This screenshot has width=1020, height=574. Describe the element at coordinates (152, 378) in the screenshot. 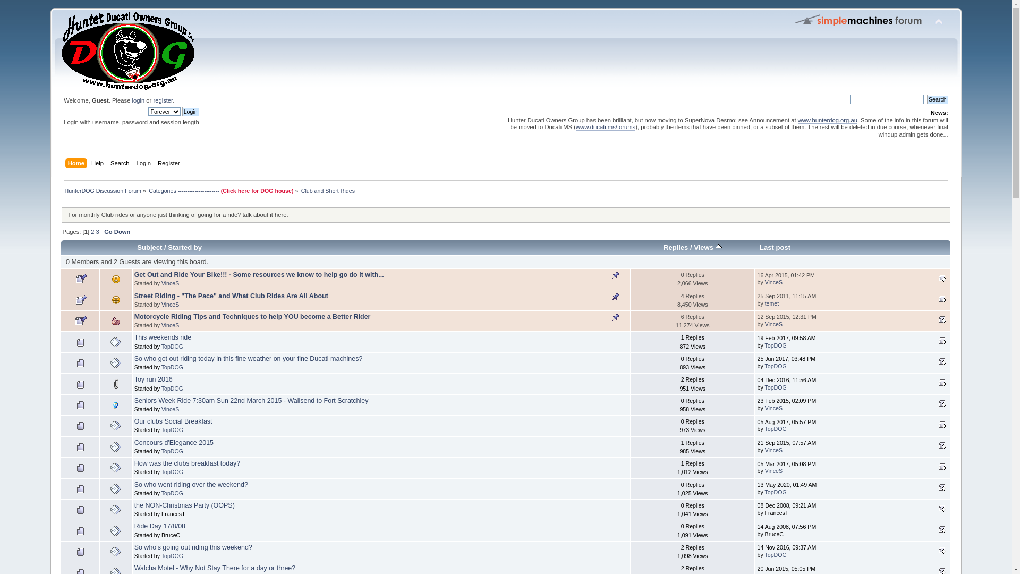

I see `'Toy run 2016'` at that location.